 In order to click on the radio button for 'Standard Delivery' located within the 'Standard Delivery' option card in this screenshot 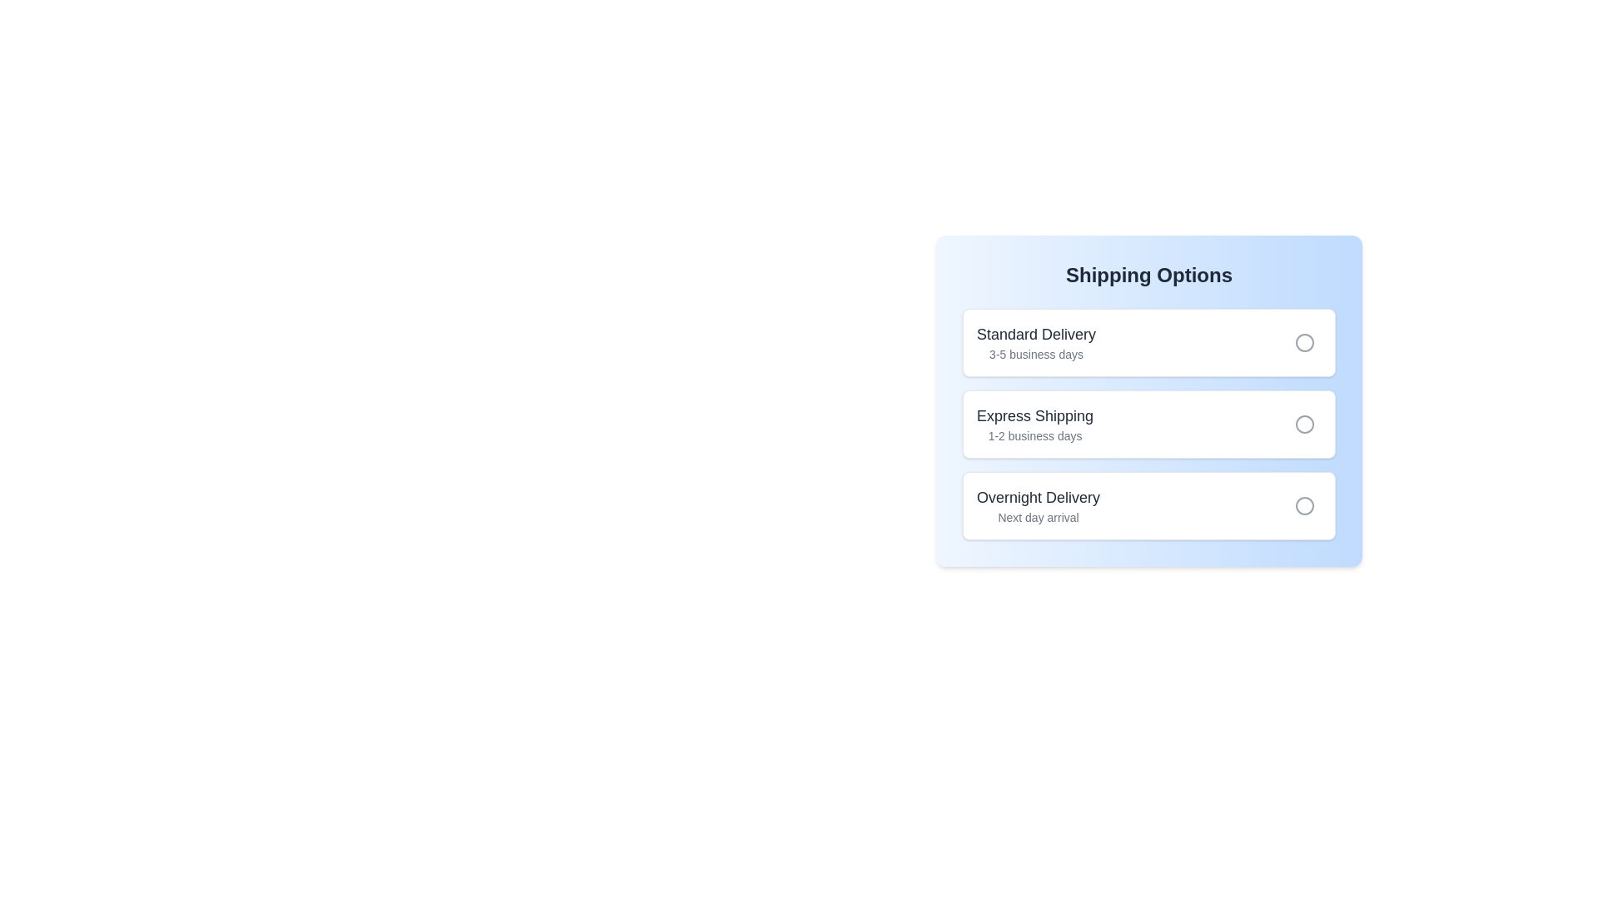, I will do `click(1303, 342)`.